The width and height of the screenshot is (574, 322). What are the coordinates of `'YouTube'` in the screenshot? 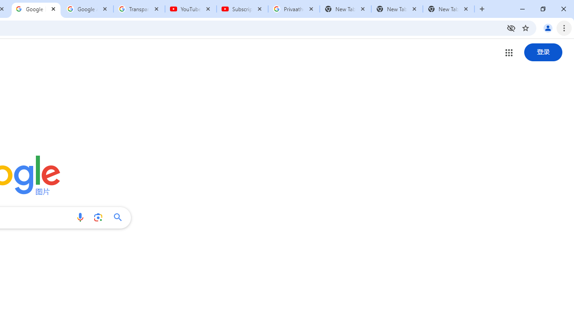 It's located at (190, 9).